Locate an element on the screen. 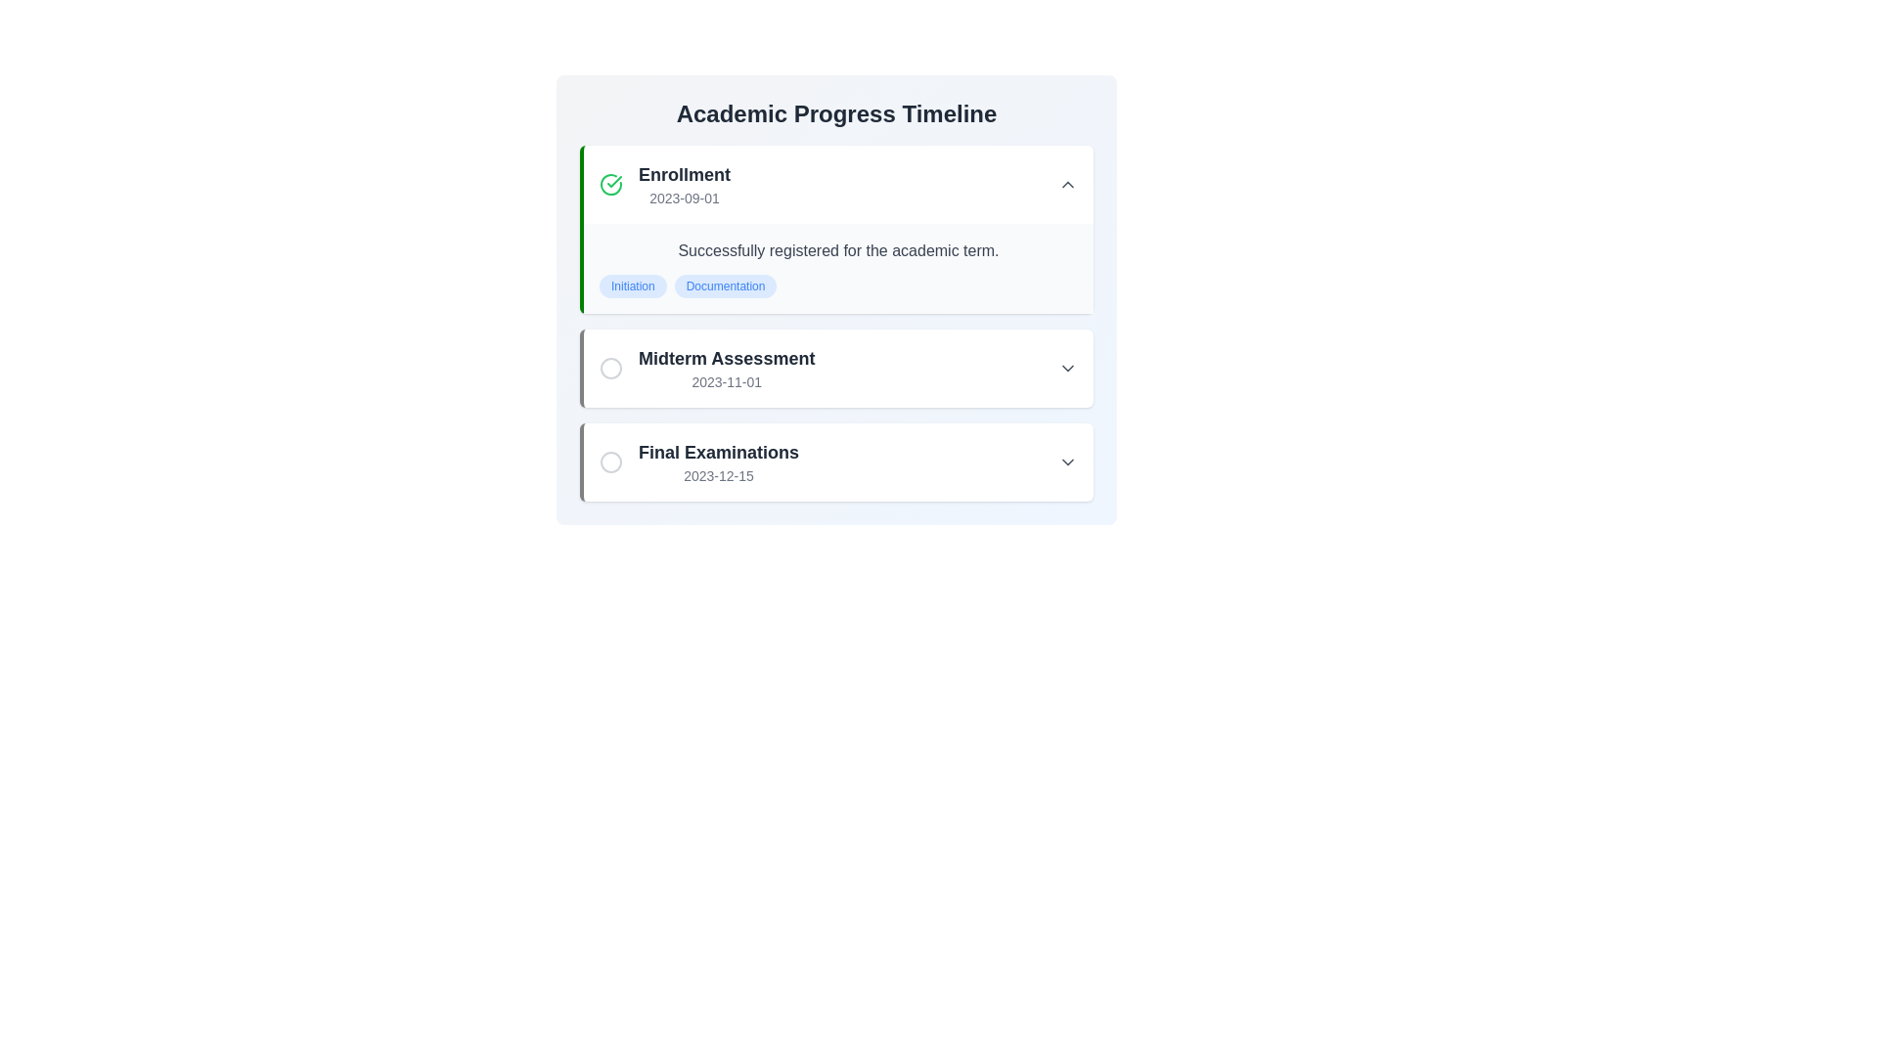 This screenshot has width=1878, height=1056. the static text indicating the date of the 'Final Examinations' stage in the academic progress timeline, located below the bold title 'Final Examinations' is located at coordinates (717, 475).